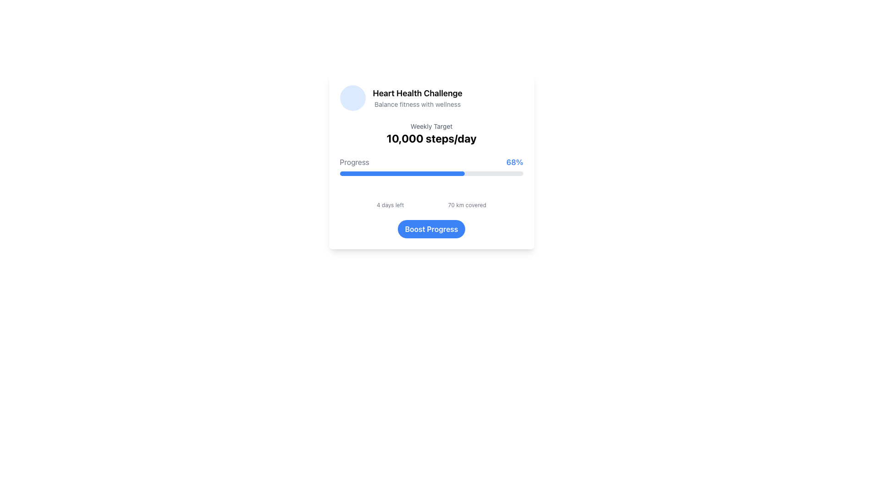  Describe the element at coordinates (431, 98) in the screenshot. I see `the Section header titled 'Heart Health Challenge' which features a blue circular icon and two lines of text, the first bold and the second in gray` at that location.